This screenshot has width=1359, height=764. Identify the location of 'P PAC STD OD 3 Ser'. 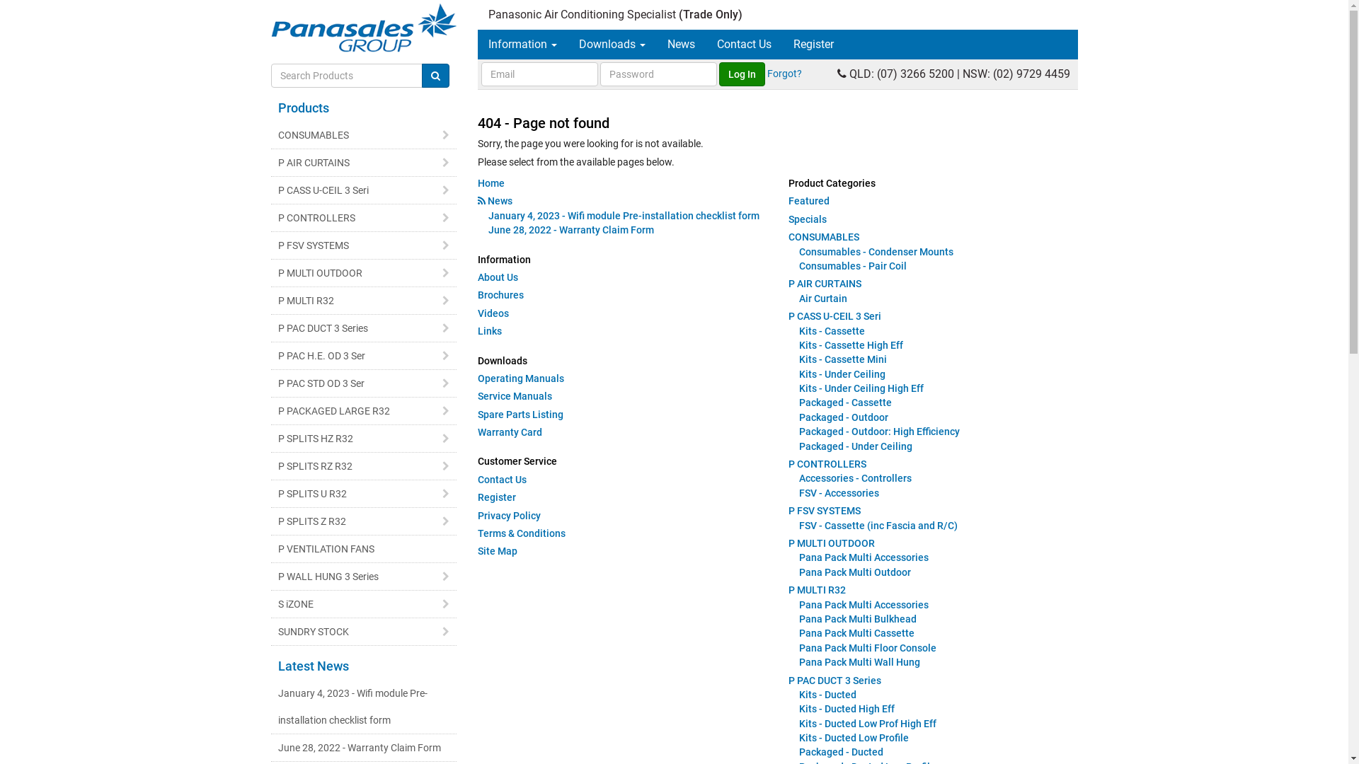
(363, 383).